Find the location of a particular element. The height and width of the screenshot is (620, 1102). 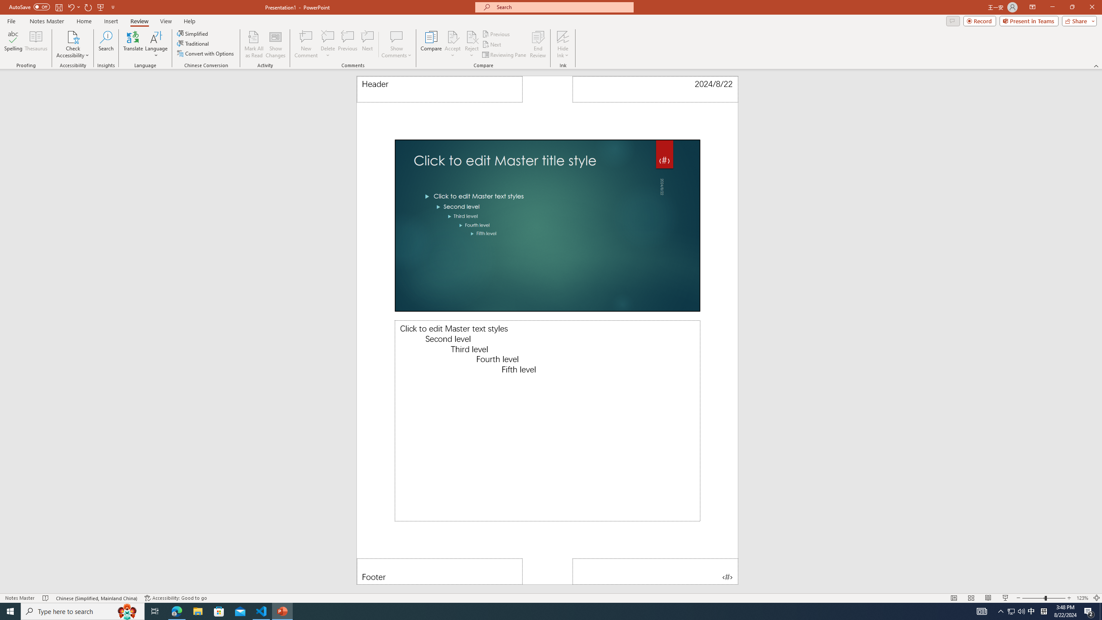

'Translate' is located at coordinates (133, 44).